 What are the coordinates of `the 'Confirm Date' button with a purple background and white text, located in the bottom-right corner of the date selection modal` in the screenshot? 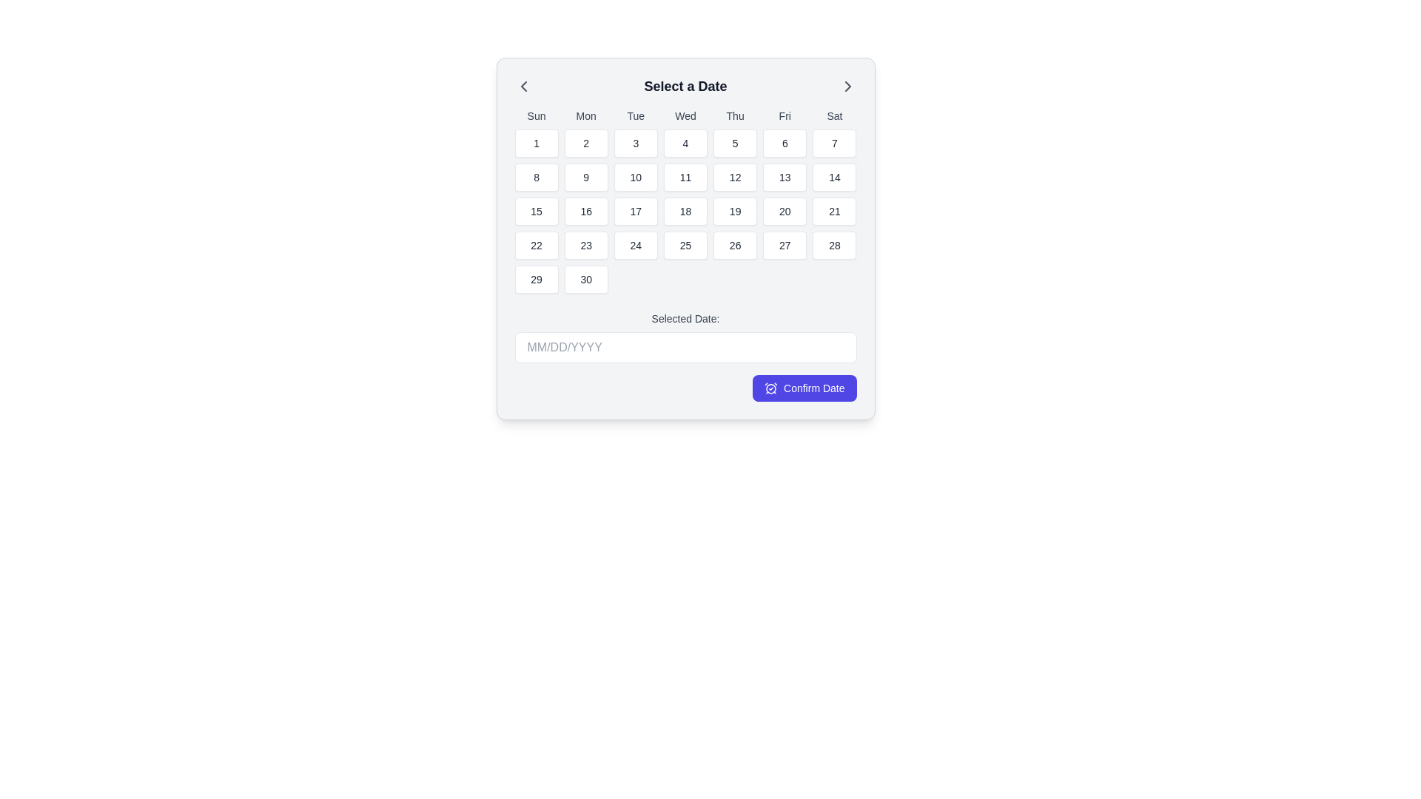 It's located at (803, 387).